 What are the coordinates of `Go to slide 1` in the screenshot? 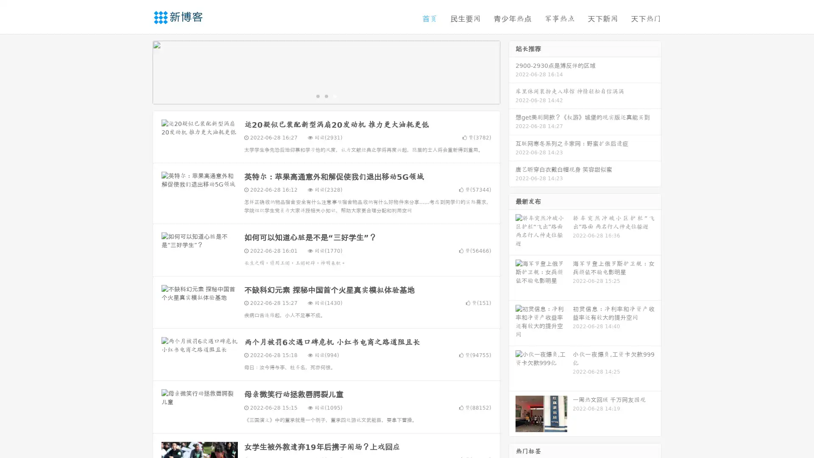 It's located at (317, 95).